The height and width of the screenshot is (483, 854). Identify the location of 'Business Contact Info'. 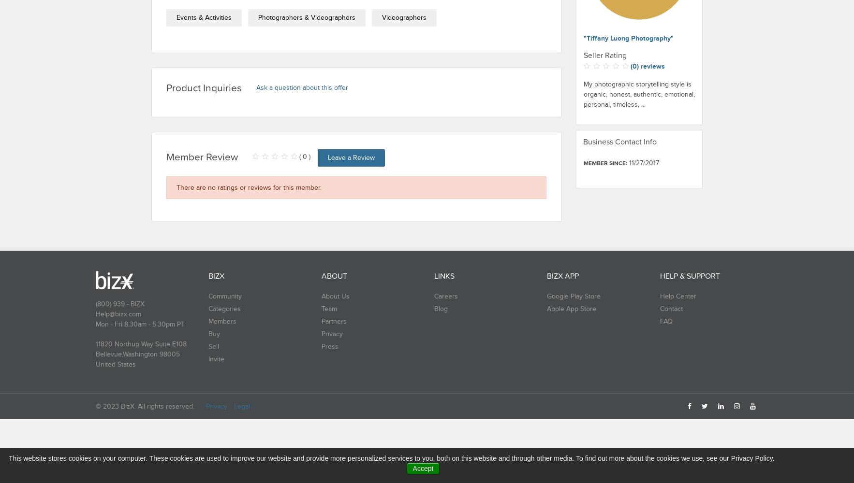
(619, 142).